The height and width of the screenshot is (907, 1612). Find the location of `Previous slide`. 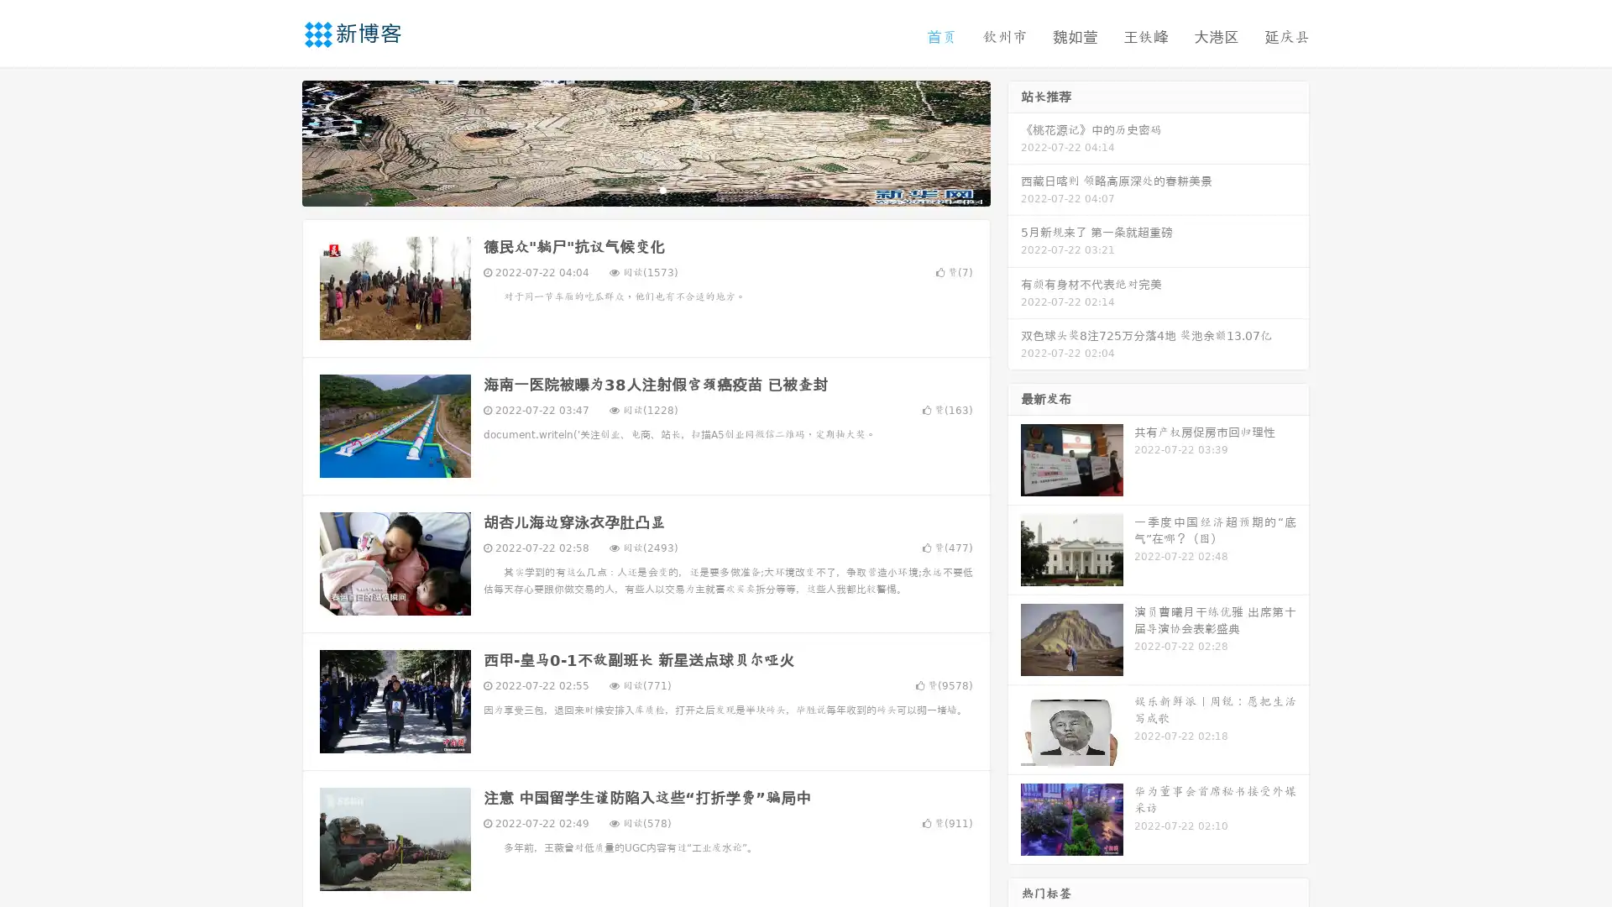

Previous slide is located at coordinates (277, 141).